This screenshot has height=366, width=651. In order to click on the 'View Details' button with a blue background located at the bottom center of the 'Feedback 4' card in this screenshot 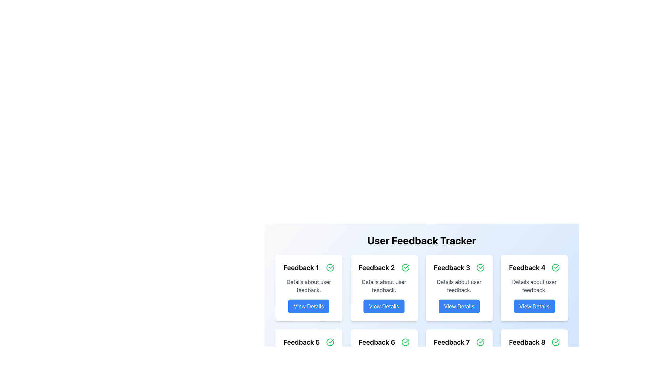, I will do `click(534, 306)`.